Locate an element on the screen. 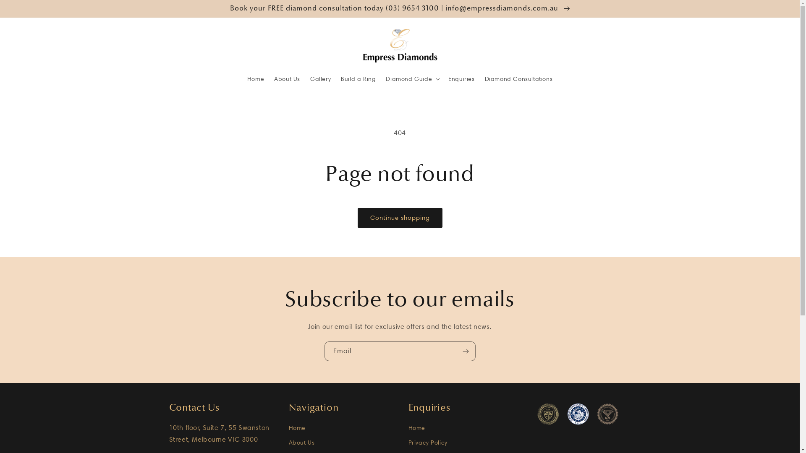 The width and height of the screenshot is (806, 453). 'About Us' is located at coordinates (302, 442).